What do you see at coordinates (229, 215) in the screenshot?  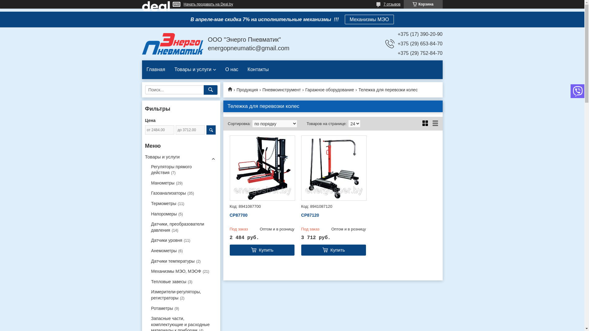 I see `'CP87700'` at bounding box center [229, 215].